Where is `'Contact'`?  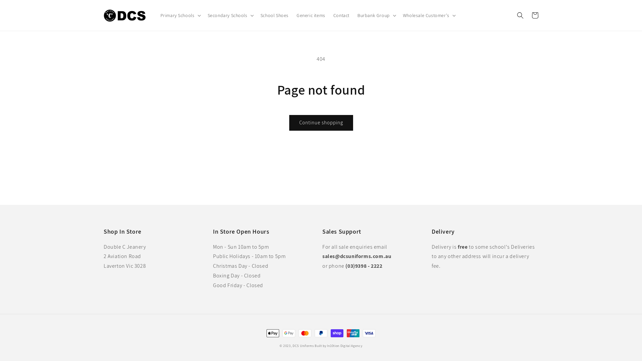 'Contact' is located at coordinates (341, 15).